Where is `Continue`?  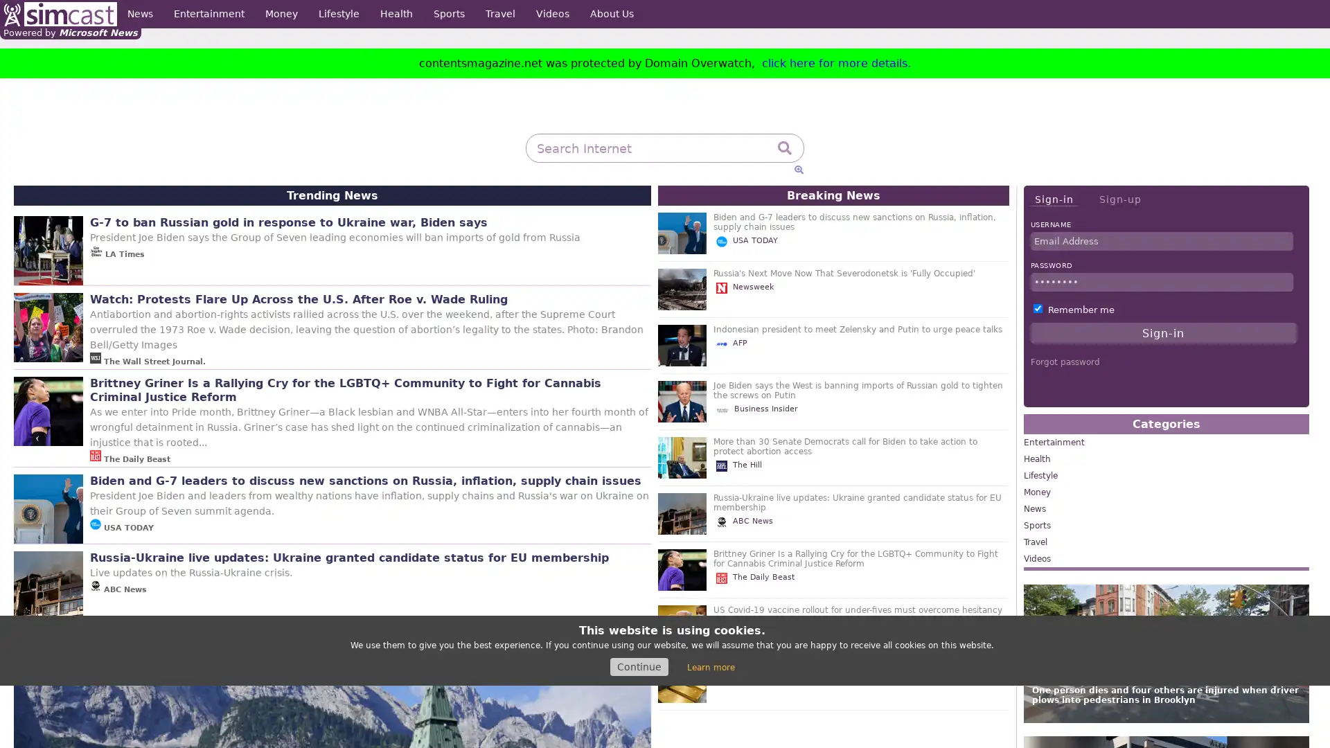 Continue is located at coordinates (638, 666).